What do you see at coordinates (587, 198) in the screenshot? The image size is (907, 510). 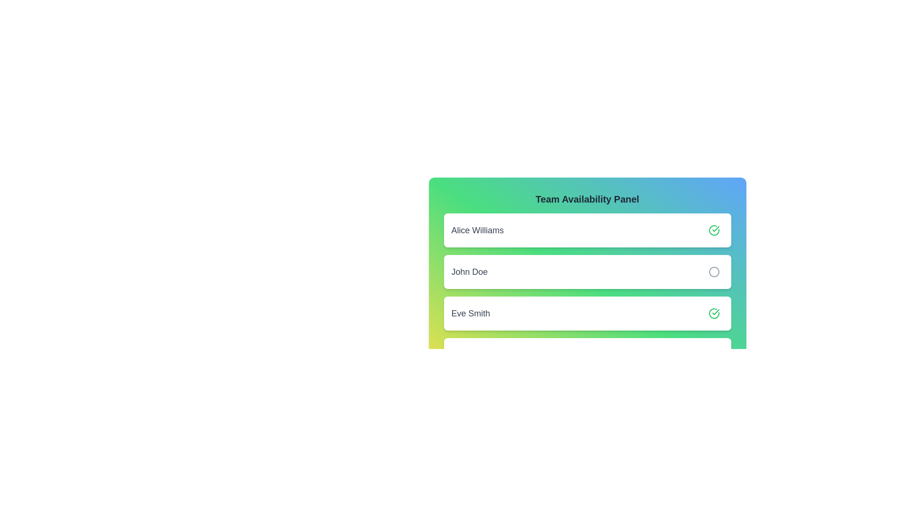 I see `the header text of the Team Availability Panel` at bounding box center [587, 198].